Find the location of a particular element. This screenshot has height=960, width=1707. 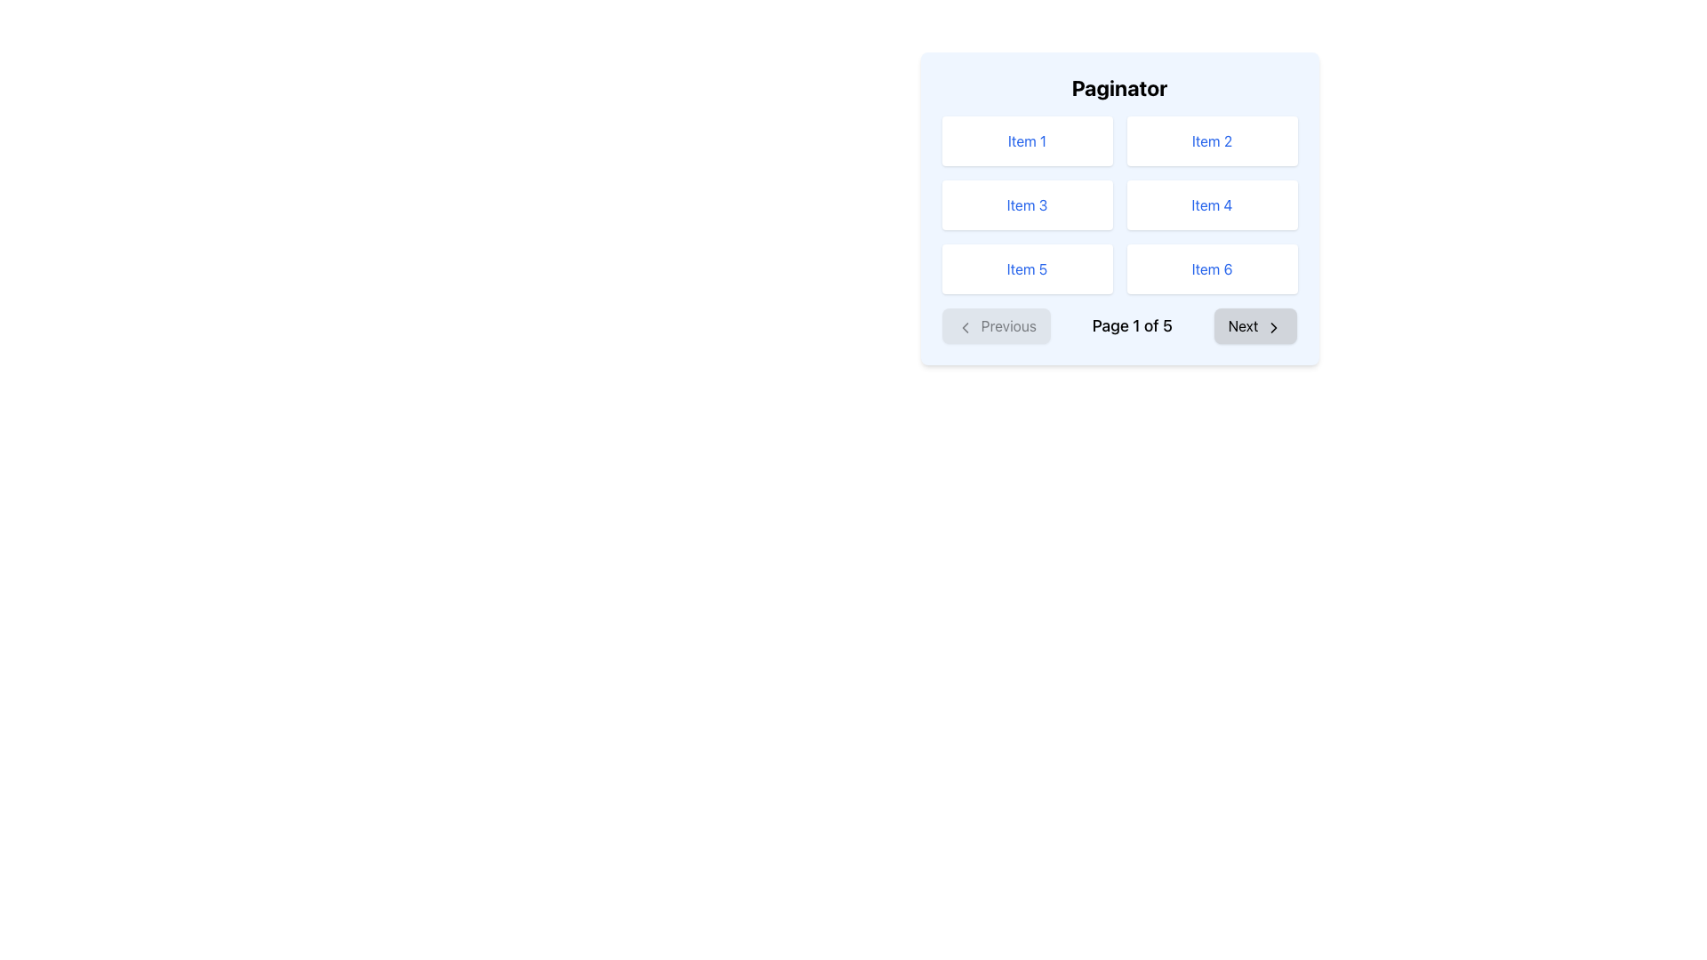

the leftward chevron icon inside the 'Previous' button located at the bottom-left of the paginator interface is located at coordinates (964, 327).